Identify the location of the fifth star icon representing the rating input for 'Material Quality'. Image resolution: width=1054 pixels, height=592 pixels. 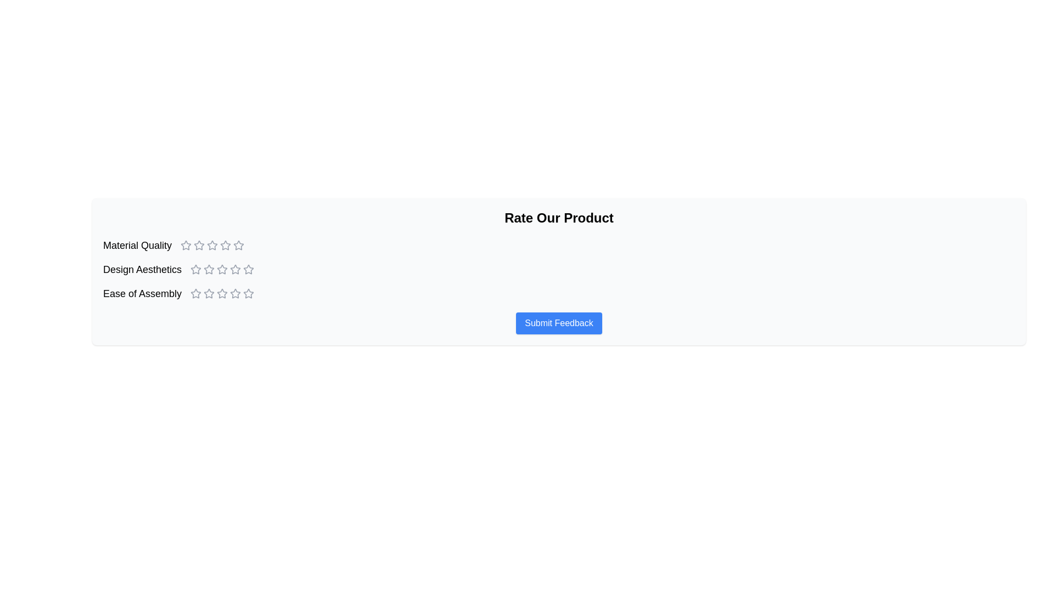
(225, 244).